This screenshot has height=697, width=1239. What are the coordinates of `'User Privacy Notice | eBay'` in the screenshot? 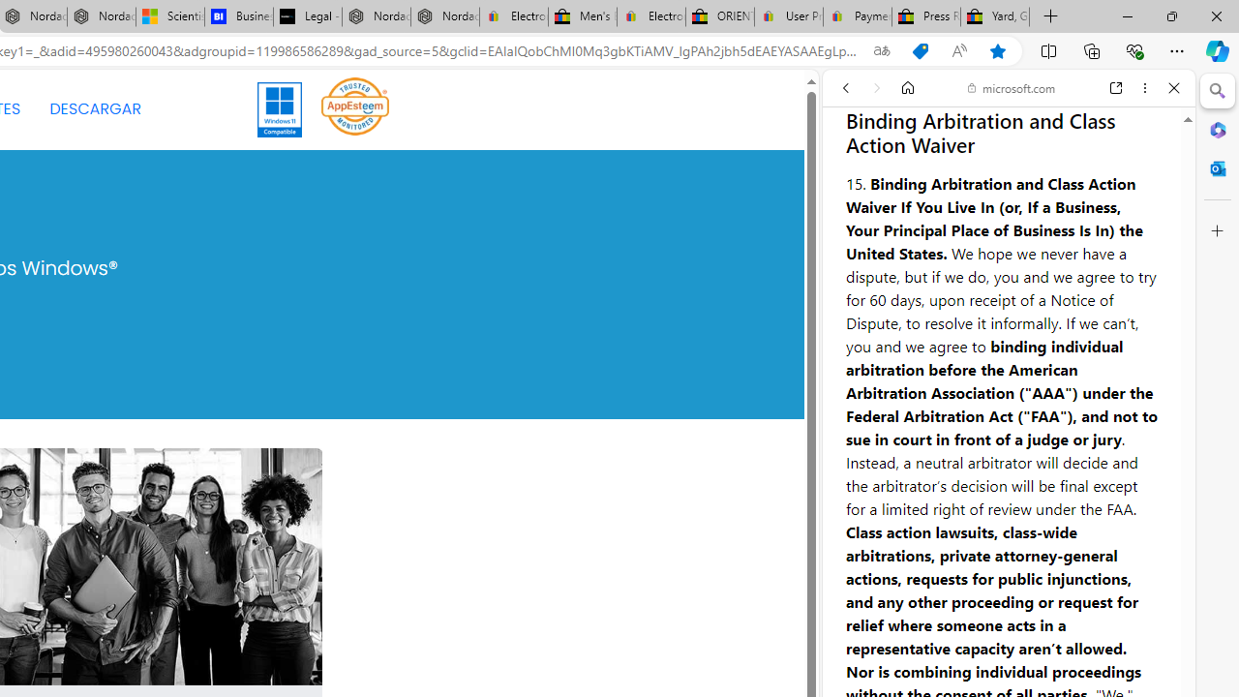 It's located at (788, 16).